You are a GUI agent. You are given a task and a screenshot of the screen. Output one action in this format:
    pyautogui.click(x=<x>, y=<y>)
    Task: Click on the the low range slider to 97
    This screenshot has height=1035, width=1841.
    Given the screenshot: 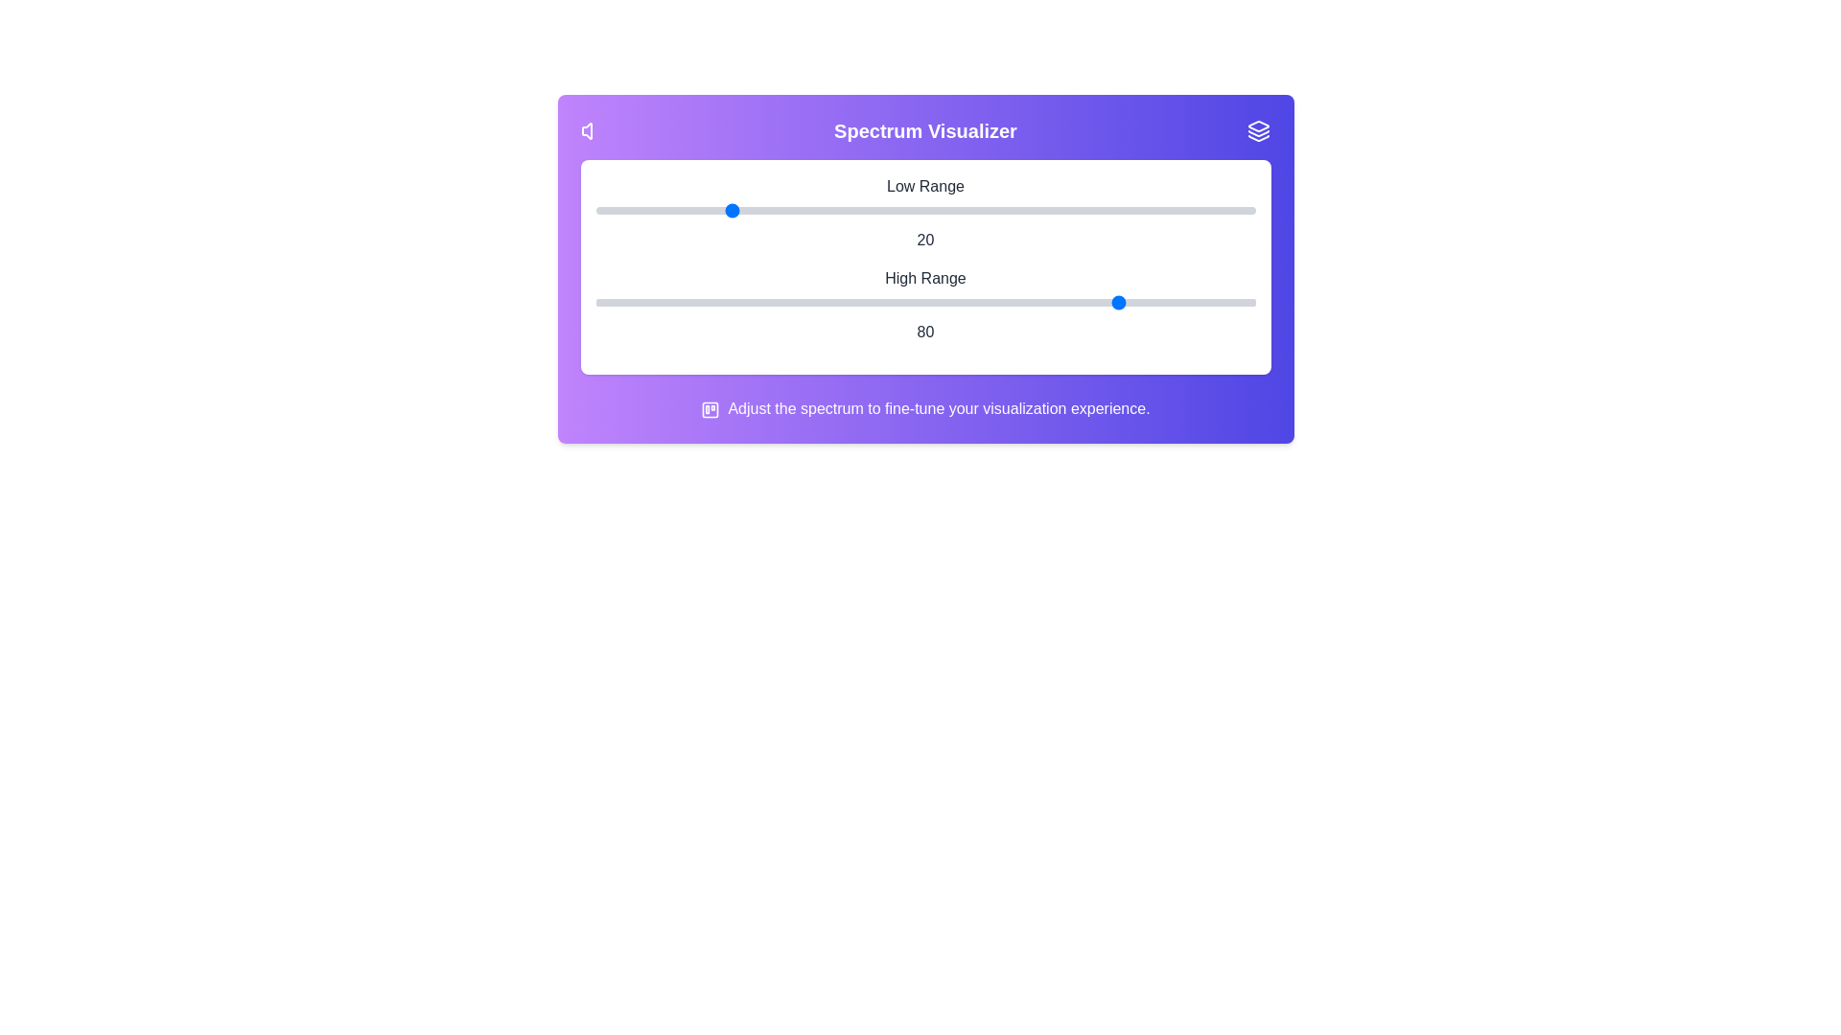 What is the action you would take?
    pyautogui.click(x=1235, y=210)
    